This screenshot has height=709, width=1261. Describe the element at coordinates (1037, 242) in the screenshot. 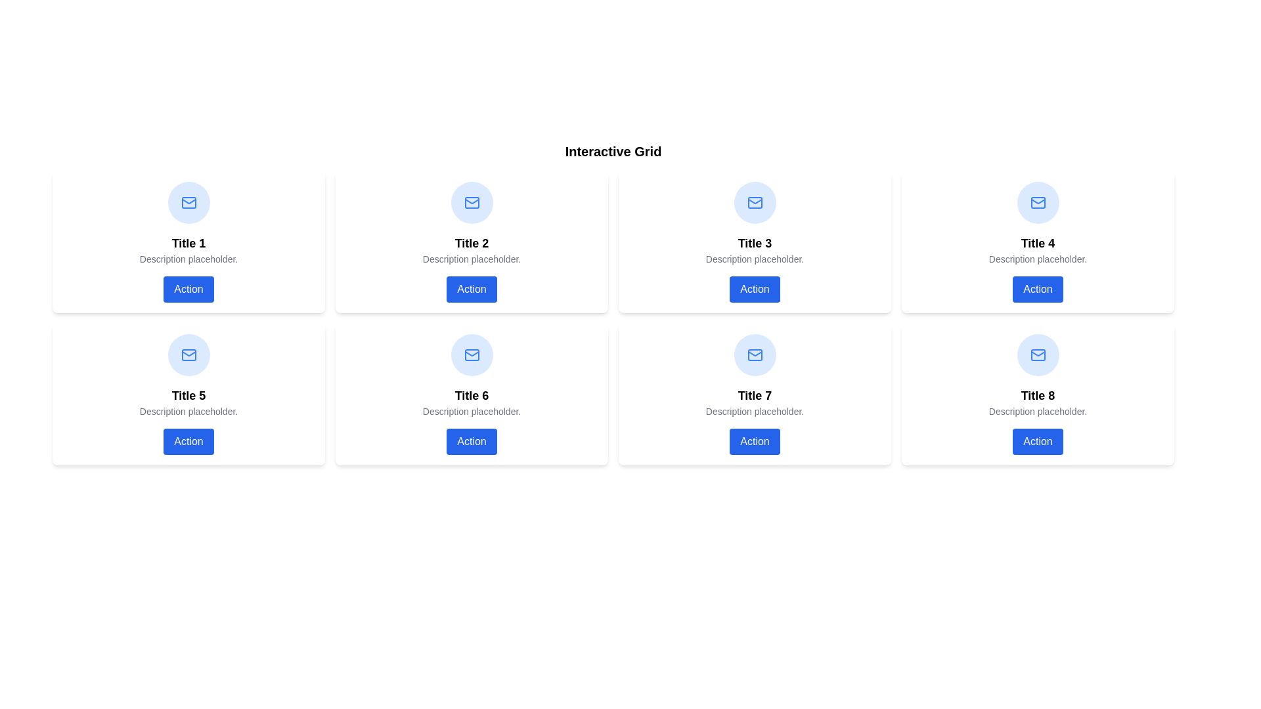

I see `the fourth card in the grid layout, which is a vertically oriented white card with rounded corners, featuring a blue button labeled 'Action'` at that location.